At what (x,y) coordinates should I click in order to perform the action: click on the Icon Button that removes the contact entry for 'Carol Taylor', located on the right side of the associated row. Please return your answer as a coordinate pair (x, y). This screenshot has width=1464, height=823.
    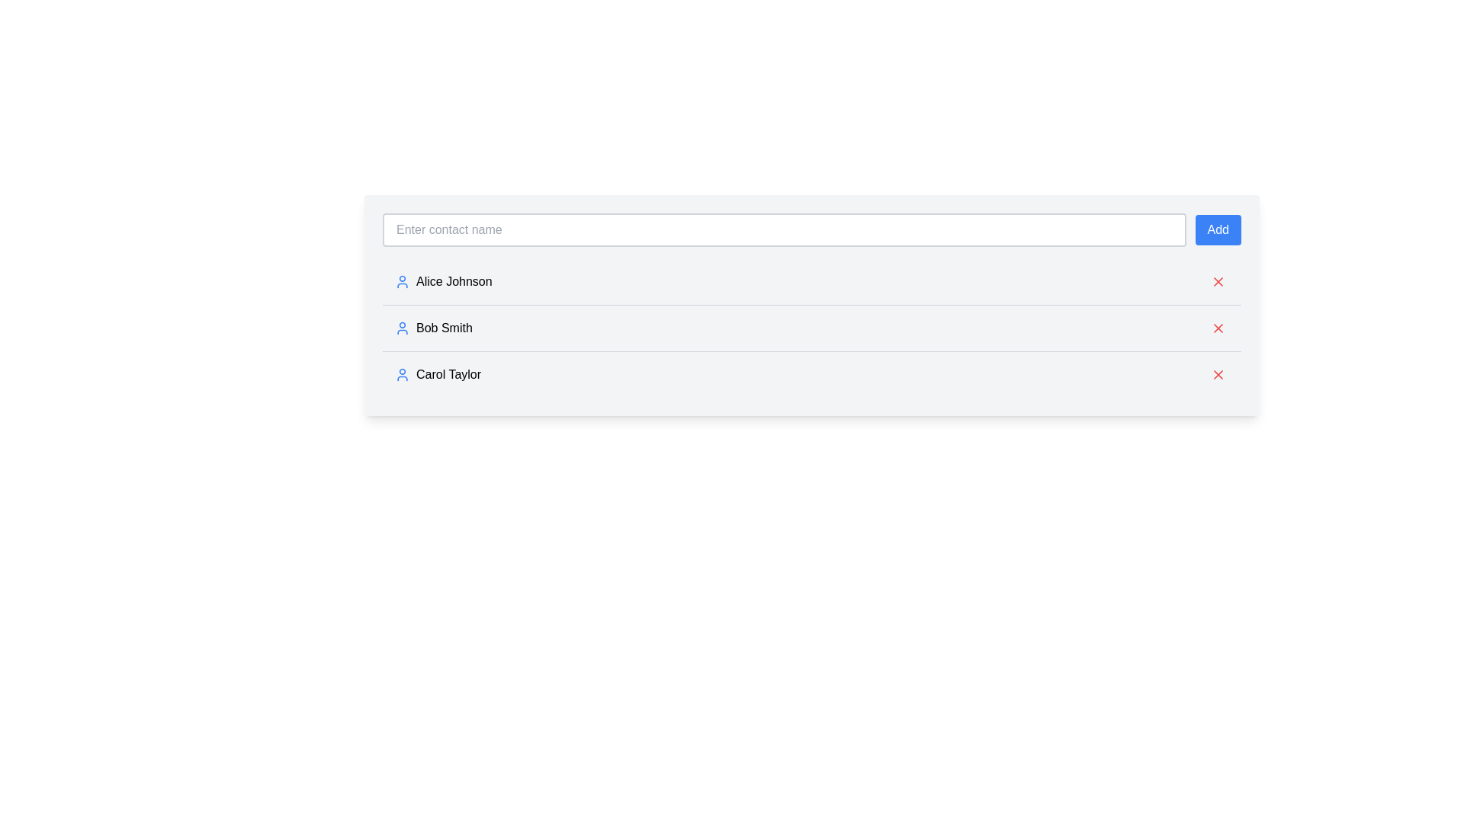
    Looking at the image, I should click on (1218, 328).